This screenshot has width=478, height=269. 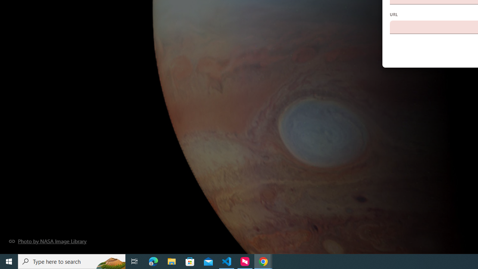 What do you see at coordinates (153, 261) in the screenshot?
I see `'Microsoft Edge'` at bounding box center [153, 261].